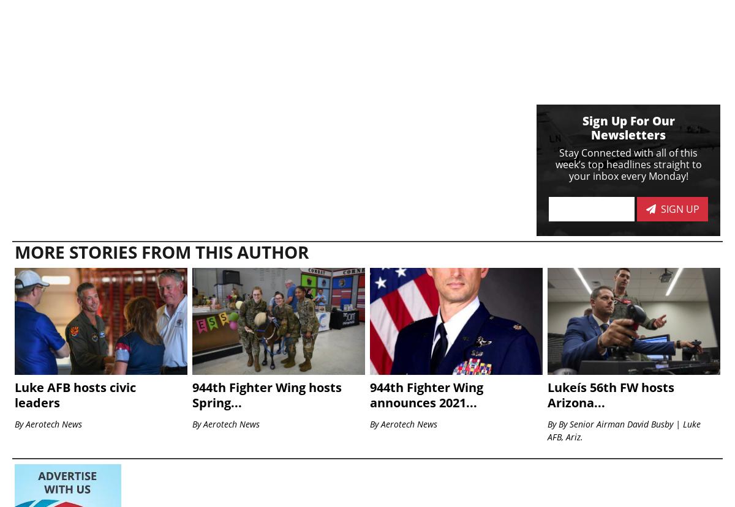 Image resolution: width=735 pixels, height=507 pixels. I want to click on 'More Stories From This Author', so click(15, 252).